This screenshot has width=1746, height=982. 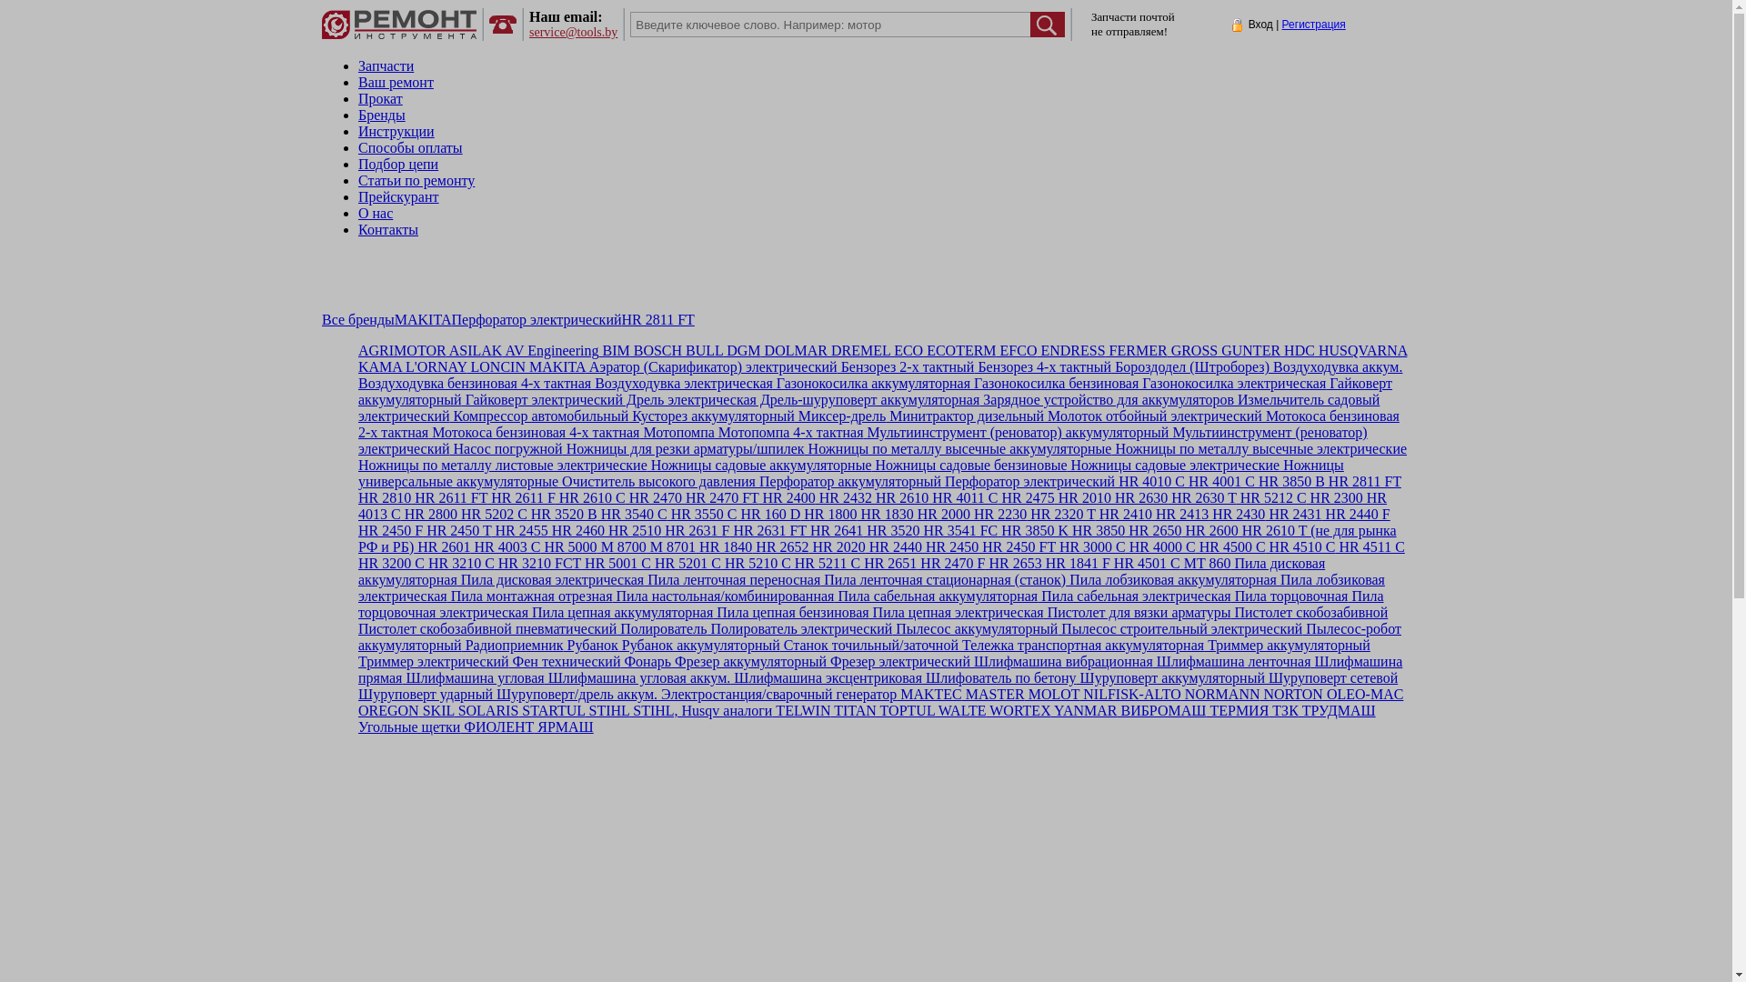 I want to click on 'HR 2630 T', so click(x=1201, y=497).